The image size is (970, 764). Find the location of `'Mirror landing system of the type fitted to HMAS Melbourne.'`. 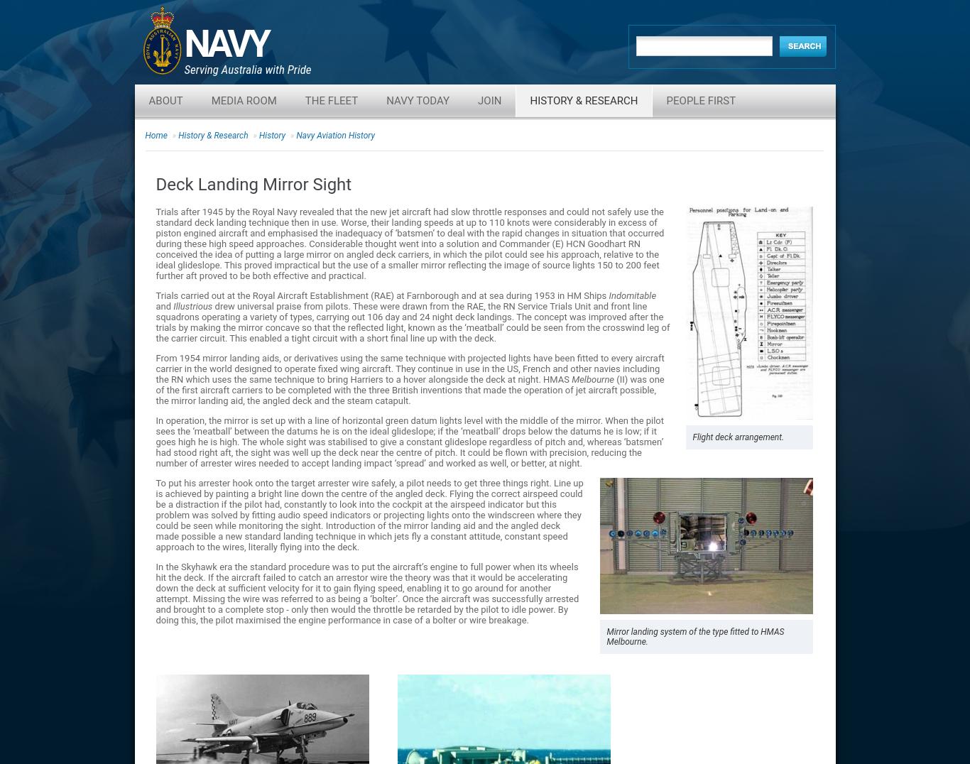

'Mirror landing system of the type fitted to HMAS Melbourne.' is located at coordinates (695, 636).